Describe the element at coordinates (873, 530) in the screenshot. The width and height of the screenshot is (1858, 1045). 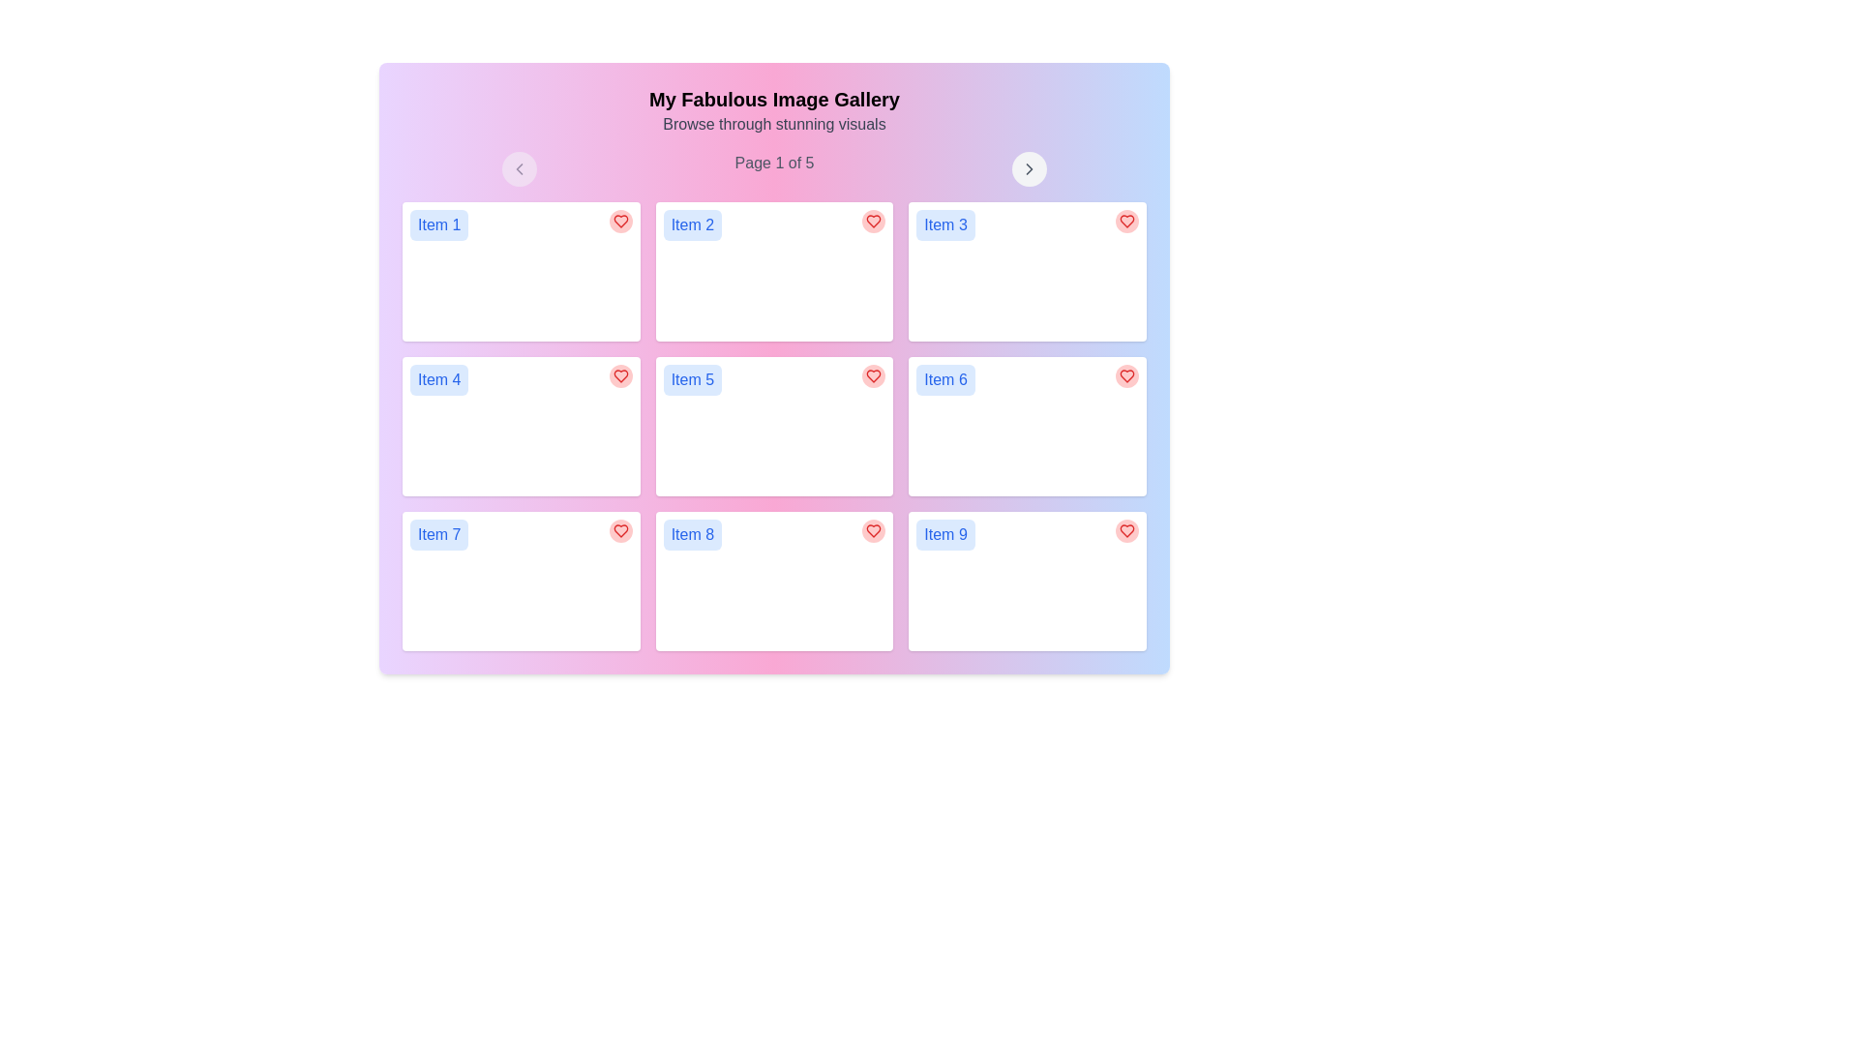
I see `the favorite (heart) icon button associated with 'Item 8'` at that location.